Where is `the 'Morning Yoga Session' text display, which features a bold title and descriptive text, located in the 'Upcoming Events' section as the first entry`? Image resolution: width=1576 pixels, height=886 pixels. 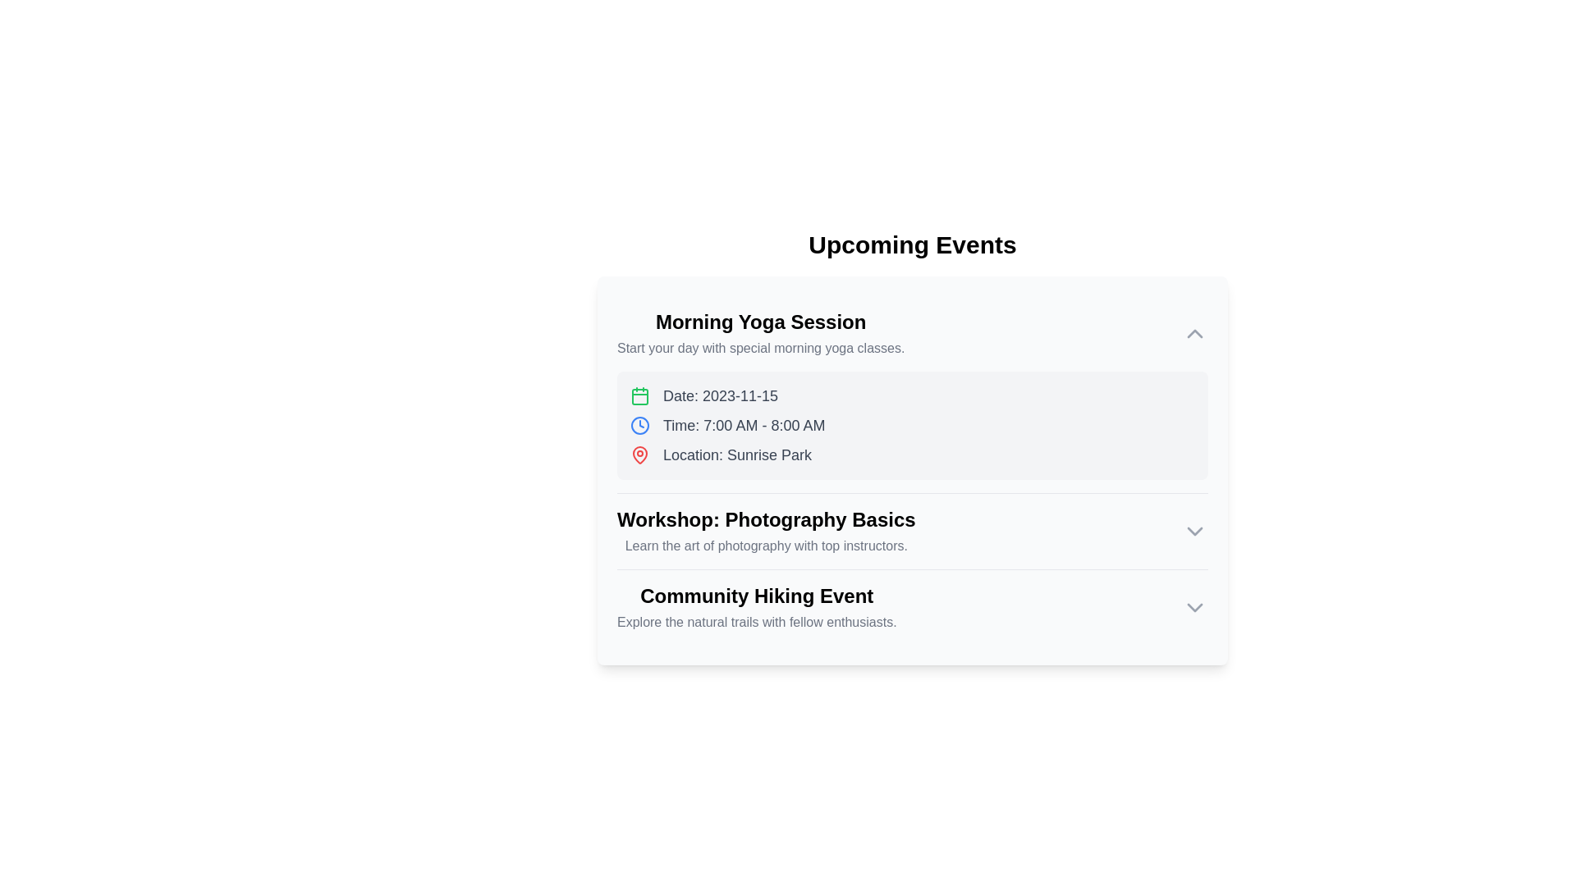
the 'Morning Yoga Session' text display, which features a bold title and descriptive text, located in the 'Upcoming Events' section as the first entry is located at coordinates (760, 333).